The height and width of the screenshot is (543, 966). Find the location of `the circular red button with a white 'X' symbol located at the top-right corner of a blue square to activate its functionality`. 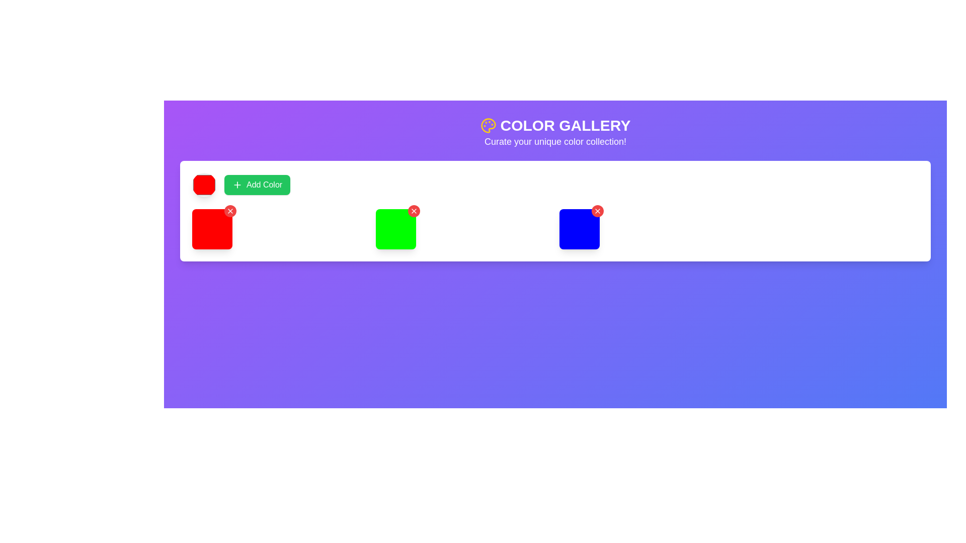

the circular red button with a white 'X' symbol located at the top-right corner of a blue square to activate its functionality is located at coordinates (598, 211).